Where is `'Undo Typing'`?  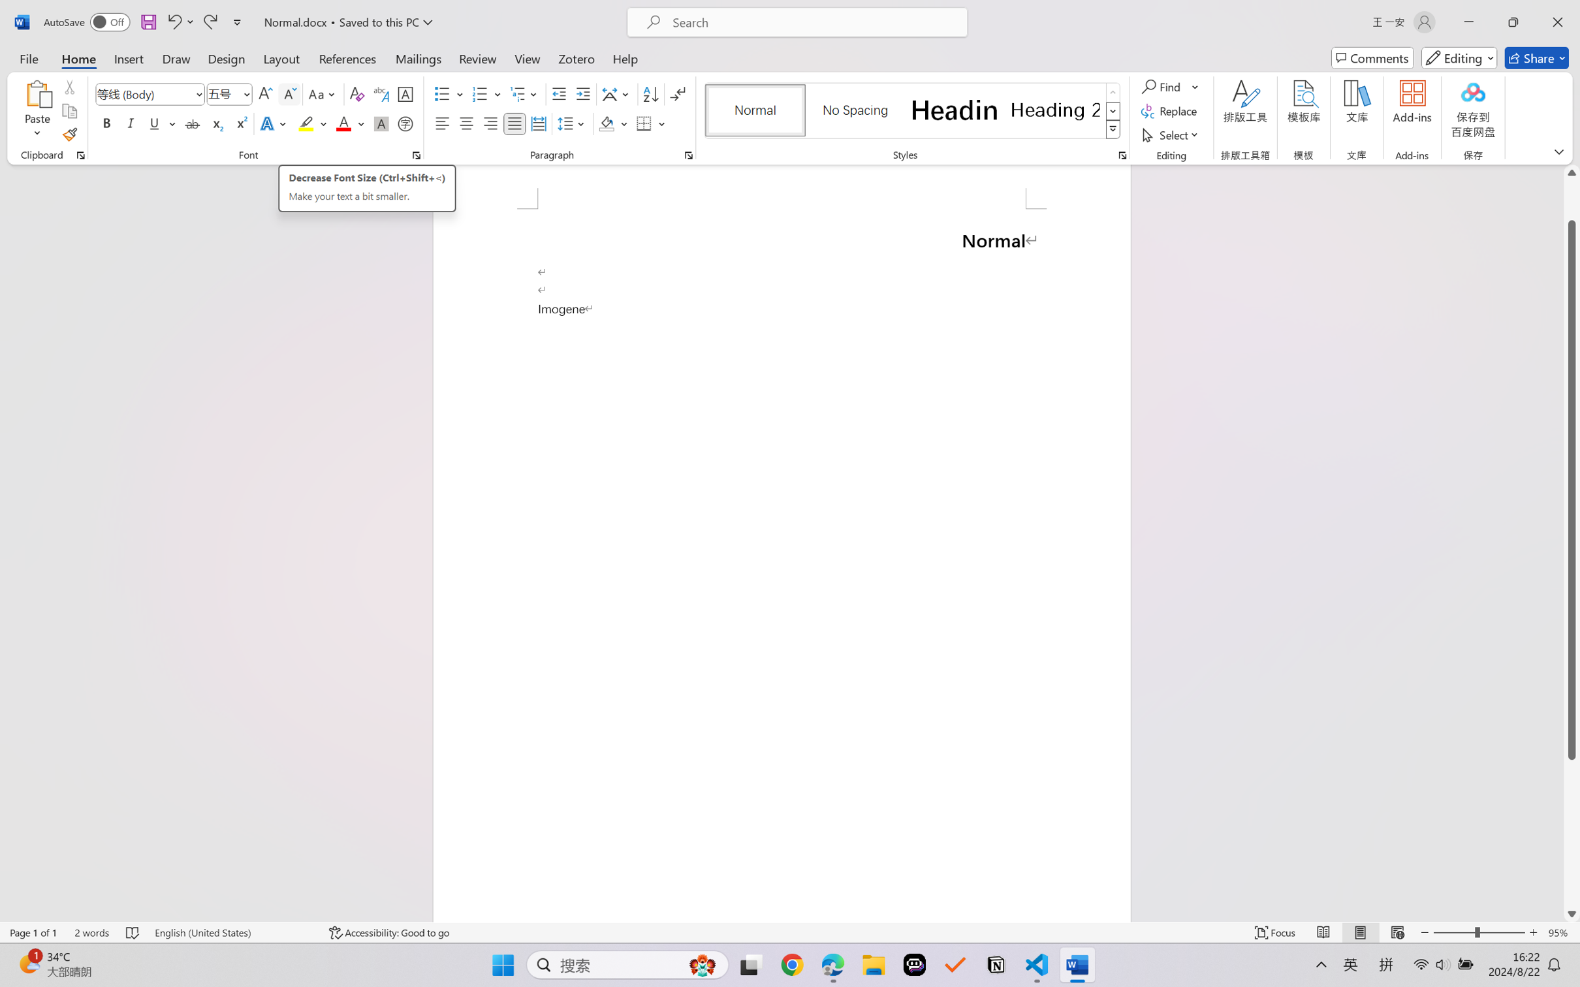
'Undo Typing' is located at coordinates (173, 22).